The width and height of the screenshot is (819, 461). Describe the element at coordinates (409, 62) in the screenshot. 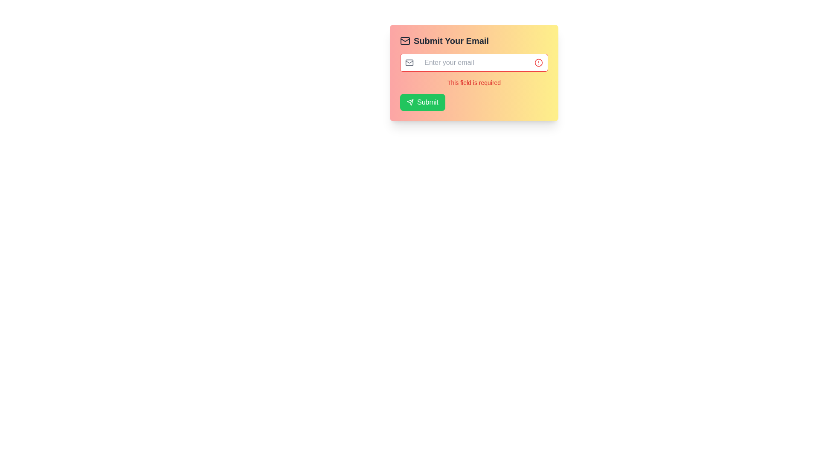

I see `the email icon that visually indicates the purpose of the adjacent email input field, located to the left and slightly above the center of the email input field` at that location.